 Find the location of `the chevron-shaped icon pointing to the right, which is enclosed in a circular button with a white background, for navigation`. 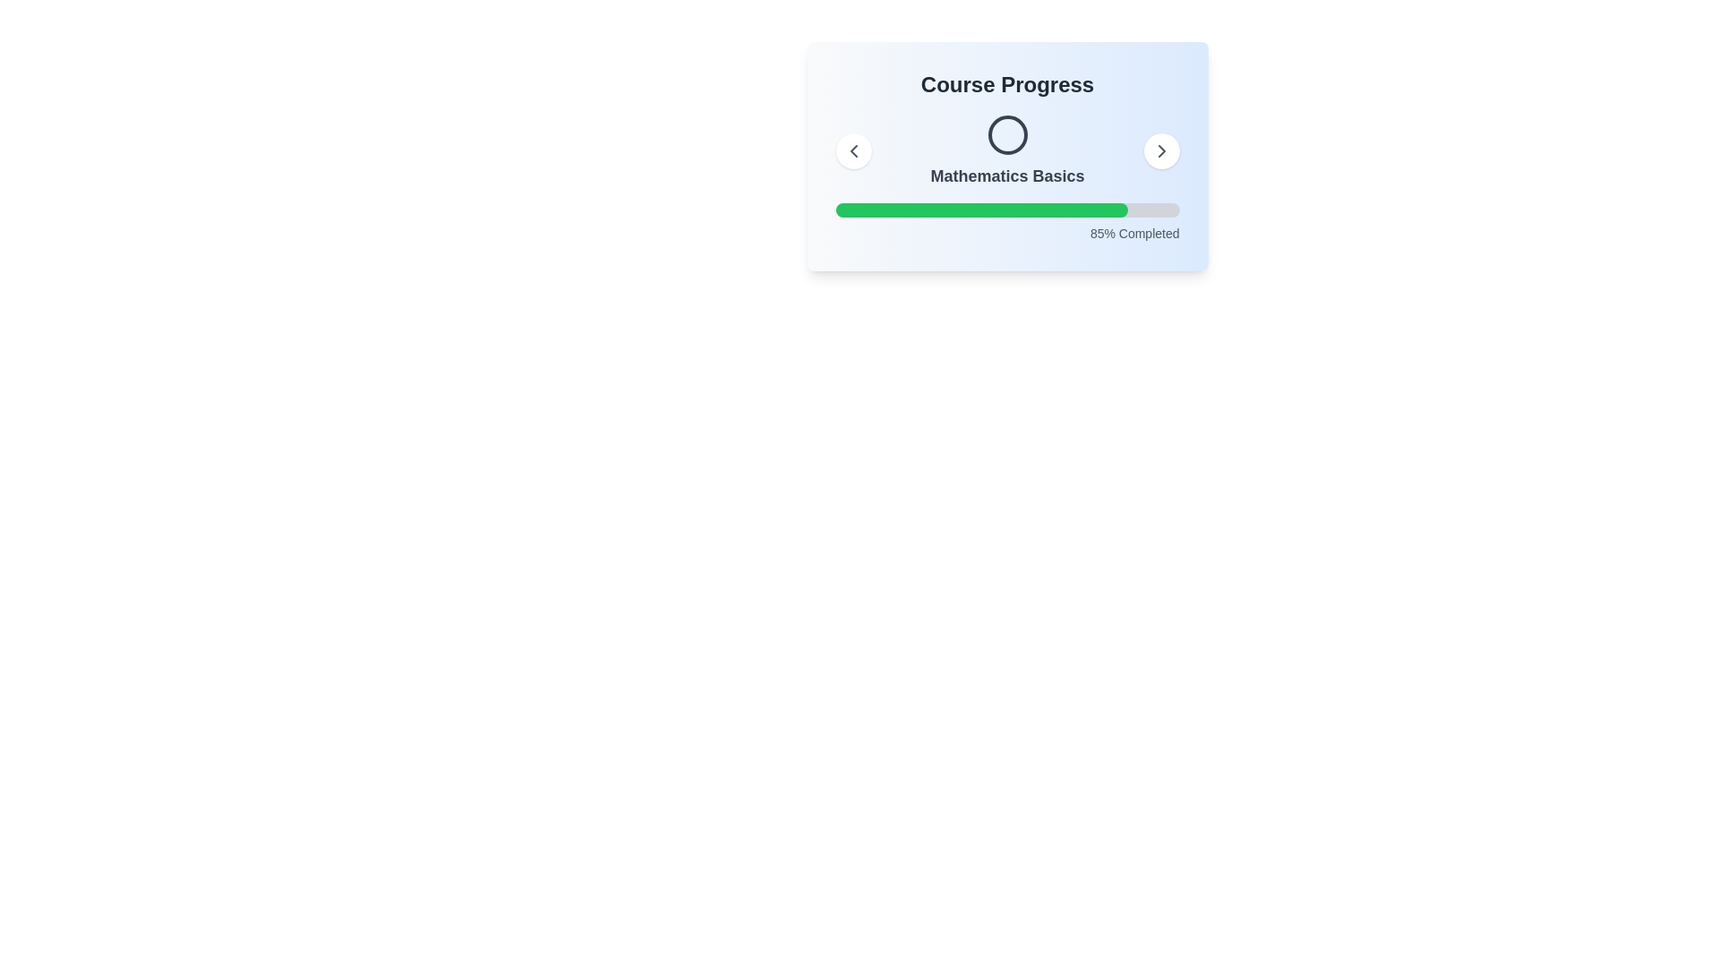

the chevron-shaped icon pointing to the right, which is enclosed in a circular button with a white background, for navigation is located at coordinates (1161, 150).